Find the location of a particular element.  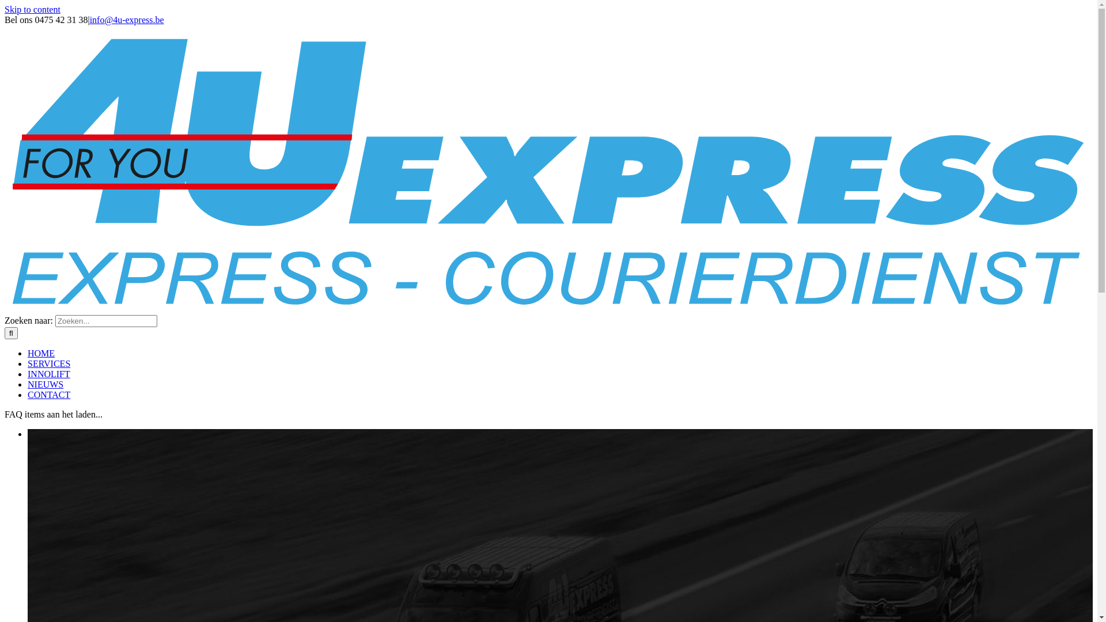

'NIEUWS' is located at coordinates (45, 384).